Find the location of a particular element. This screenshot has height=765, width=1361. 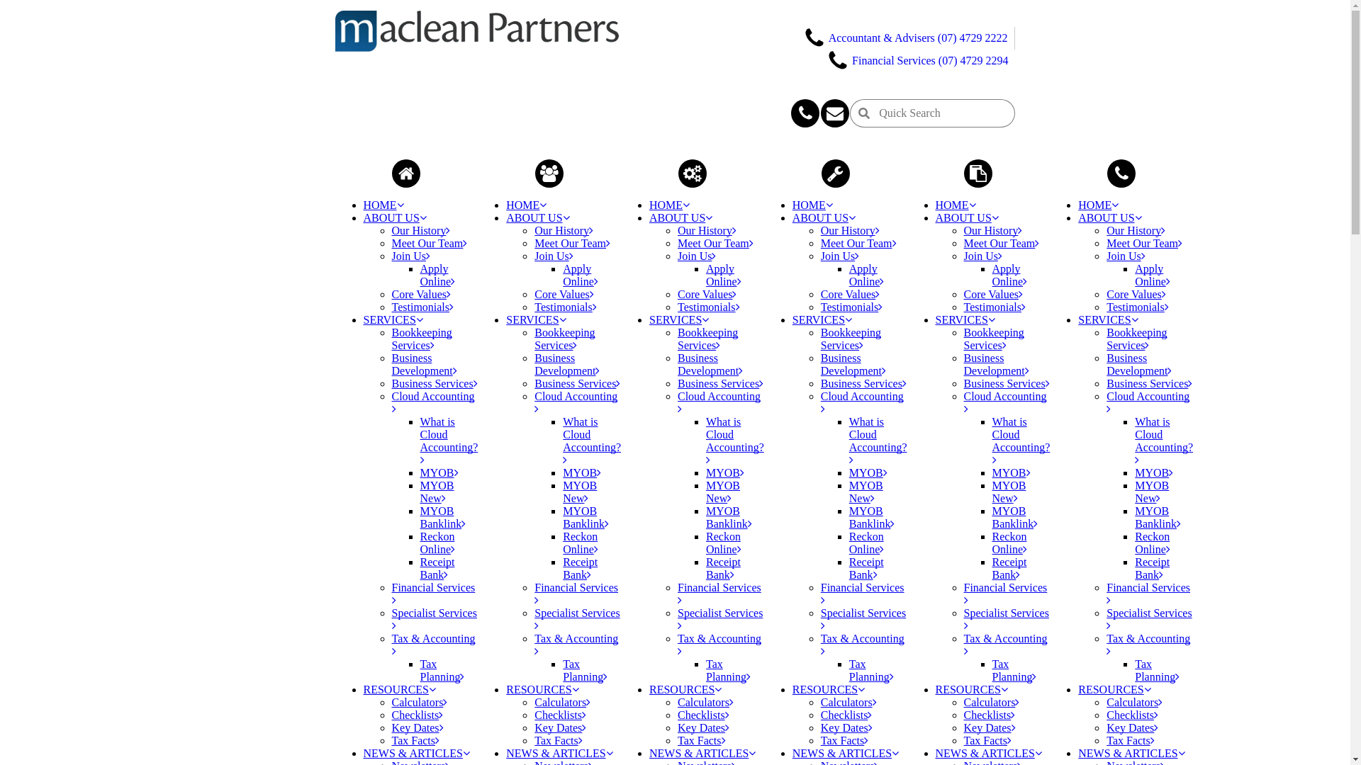

'ABOUT US' is located at coordinates (792, 217).